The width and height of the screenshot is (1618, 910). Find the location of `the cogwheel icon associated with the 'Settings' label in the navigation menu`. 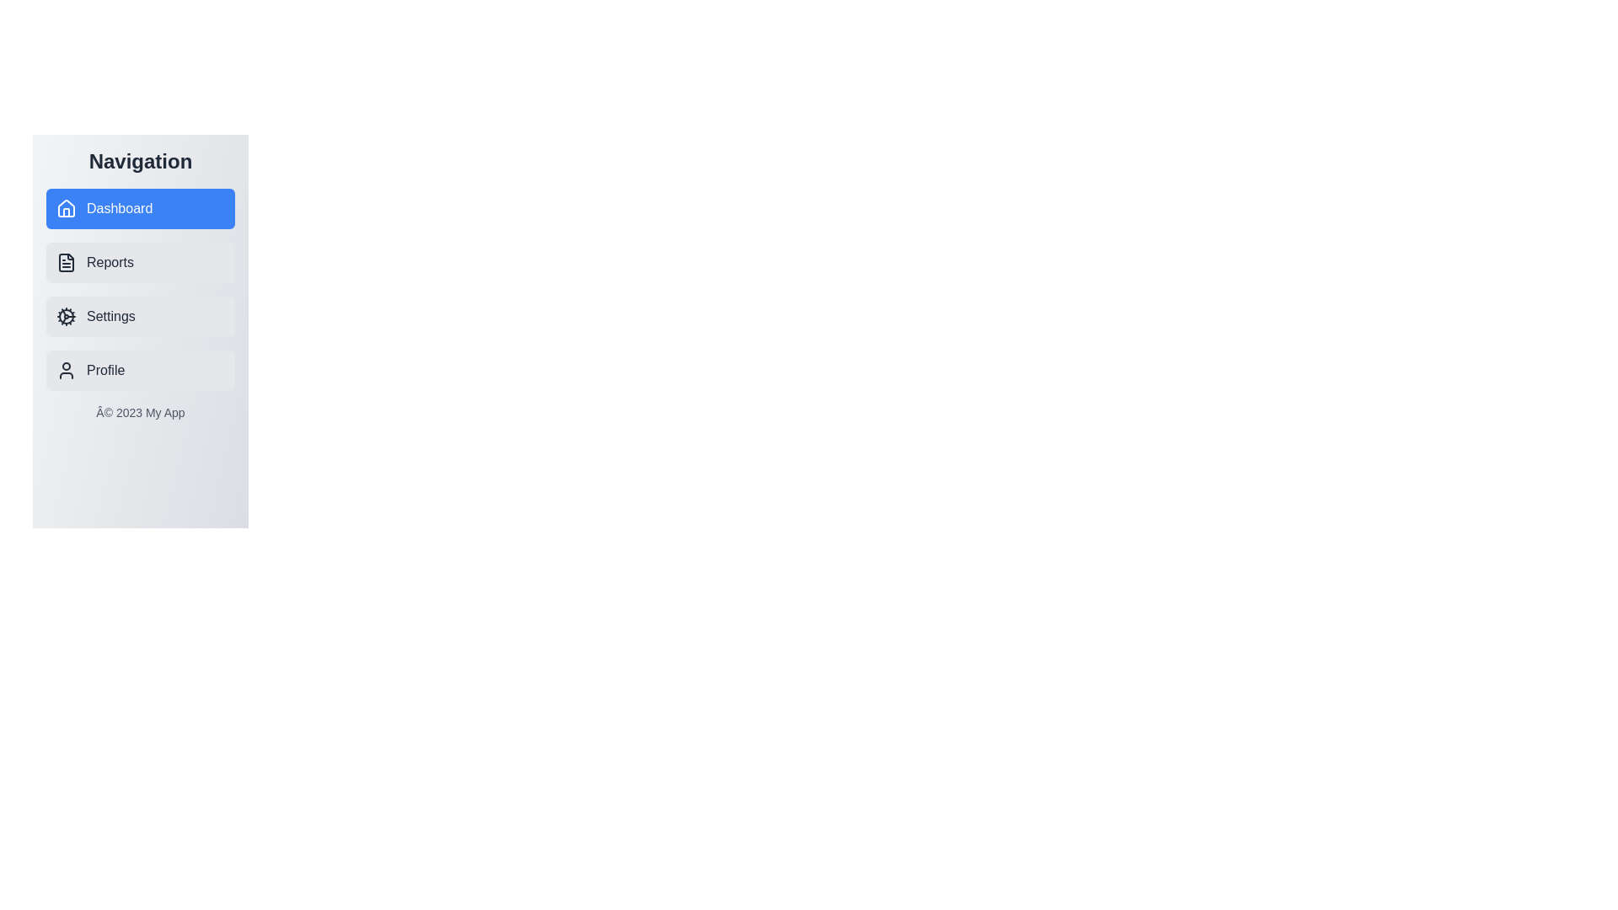

the cogwheel icon associated with the 'Settings' label in the navigation menu is located at coordinates (66, 316).